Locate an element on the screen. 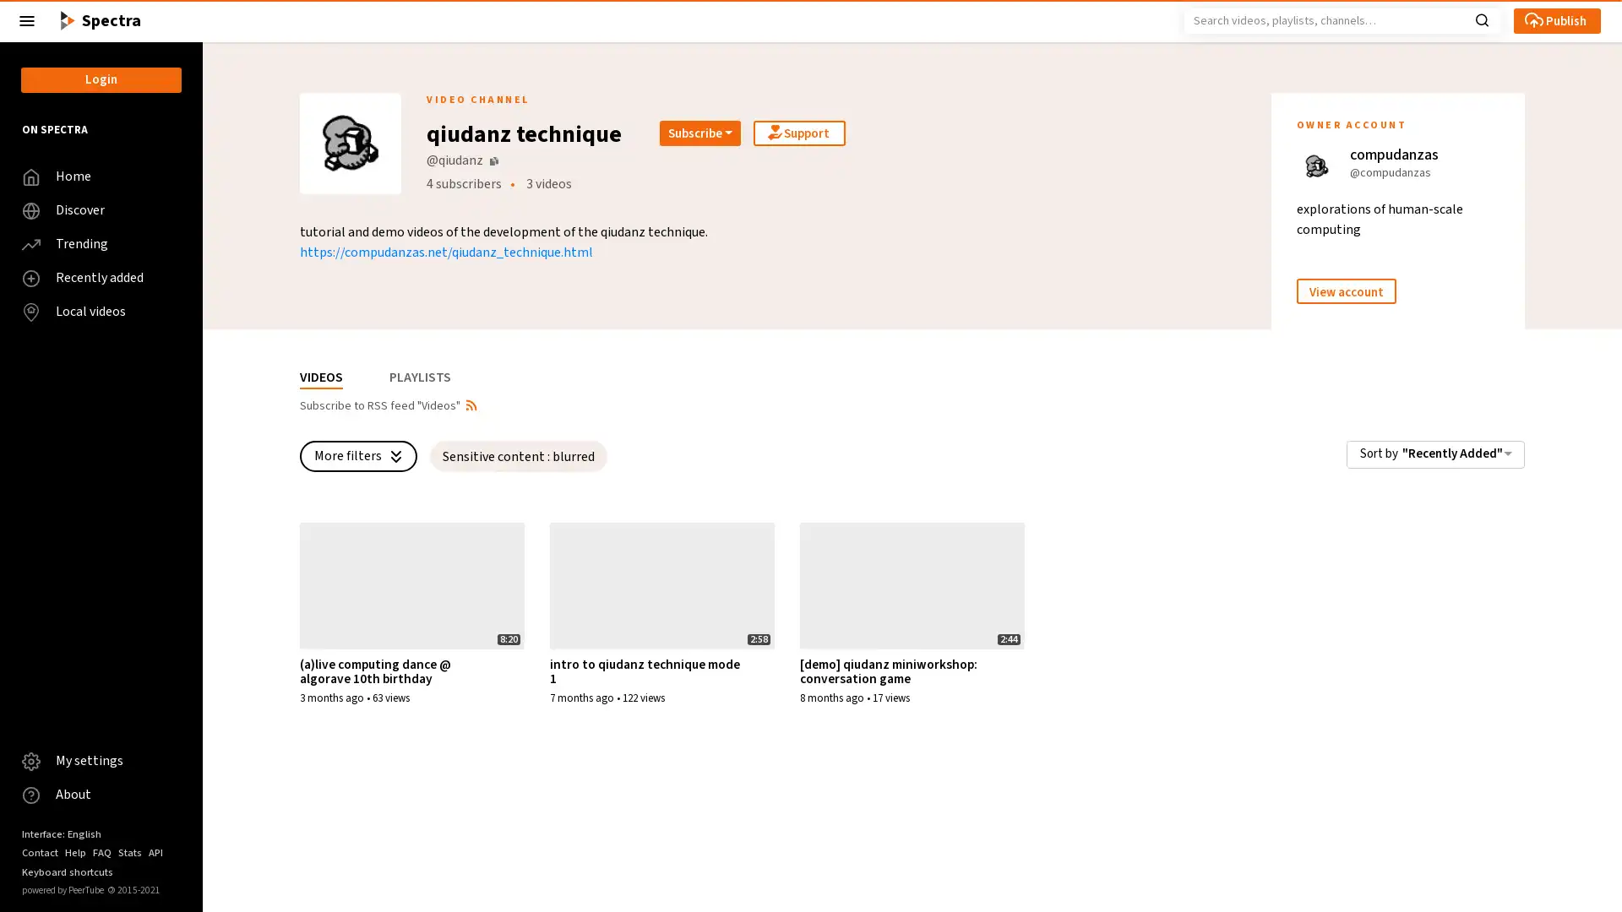  More filters is located at coordinates (357, 456).